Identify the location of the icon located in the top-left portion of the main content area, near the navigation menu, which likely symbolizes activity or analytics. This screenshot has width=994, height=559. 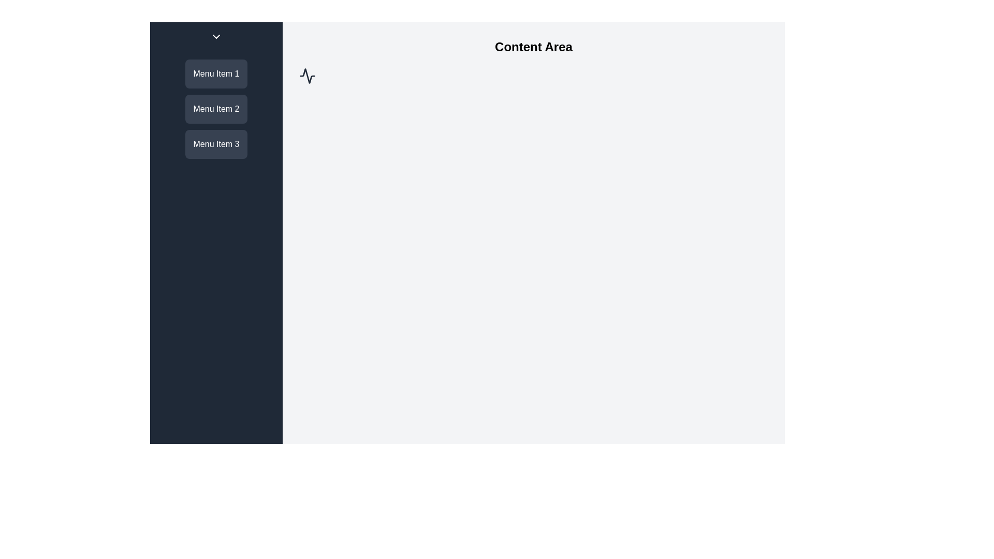
(307, 75).